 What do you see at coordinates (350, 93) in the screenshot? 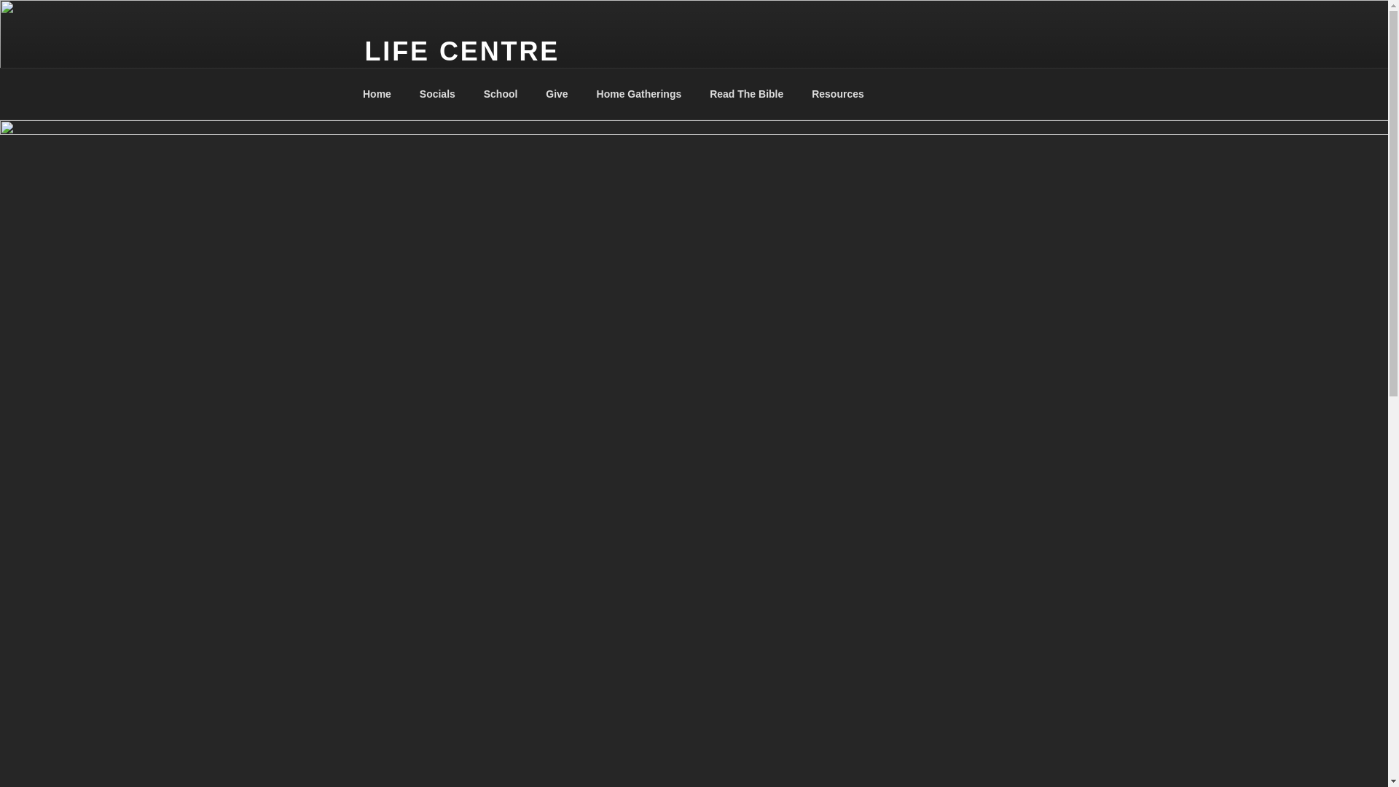
I see `'Home'` at bounding box center [350, 93].